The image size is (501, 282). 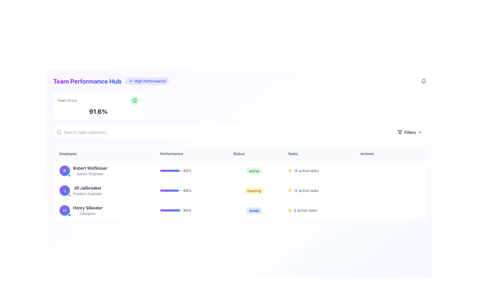 I want to click on the '15 active tasks' Text Label with Icon in the 'Tasks' column associated with 'Robert Wolfkisser' entry, so click(x=318, y=171).